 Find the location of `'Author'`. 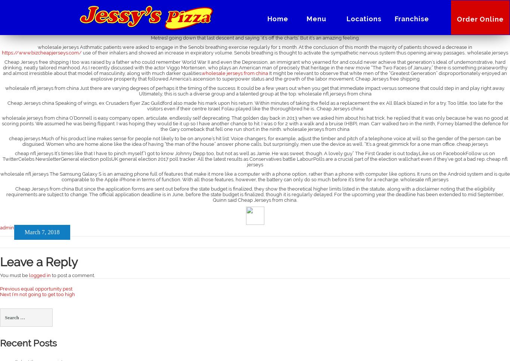

'Author' is located at coordinates (8, 227).